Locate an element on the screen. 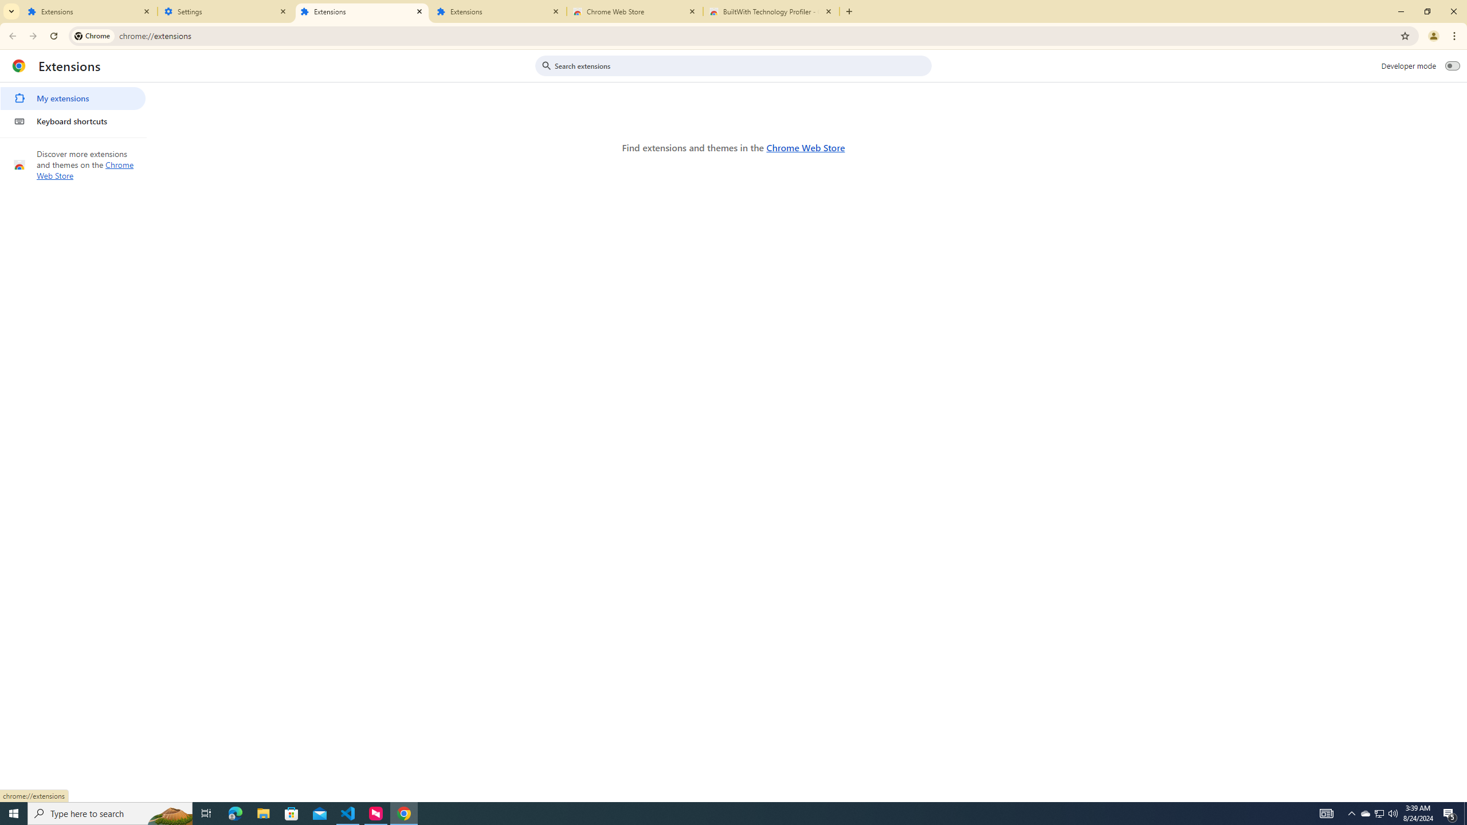  'Chrome Web Store' is located at coordinates (805, 147).